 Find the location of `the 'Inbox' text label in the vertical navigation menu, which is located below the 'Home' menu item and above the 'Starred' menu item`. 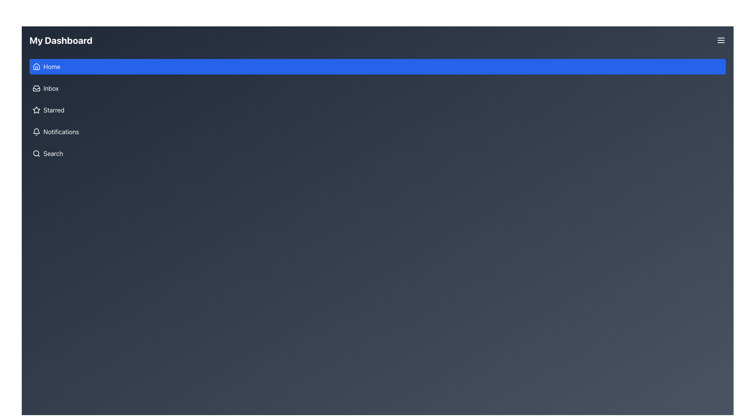

the 'Inbox' text label in the vertical navigation menu, which is located below the 'Home' menu item and above the 'Starred' menu item is located at coordinates (51, 88).